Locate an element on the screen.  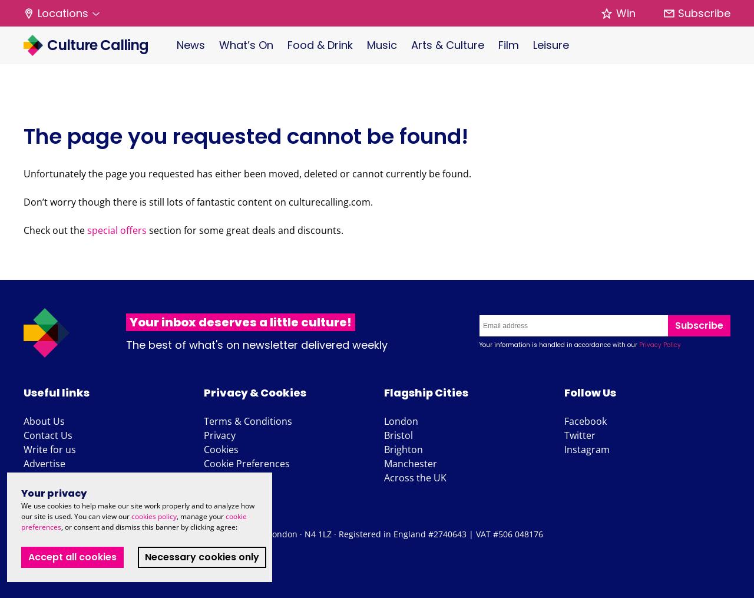
'Cookie Preferences' is located at coordinates (203, 463).